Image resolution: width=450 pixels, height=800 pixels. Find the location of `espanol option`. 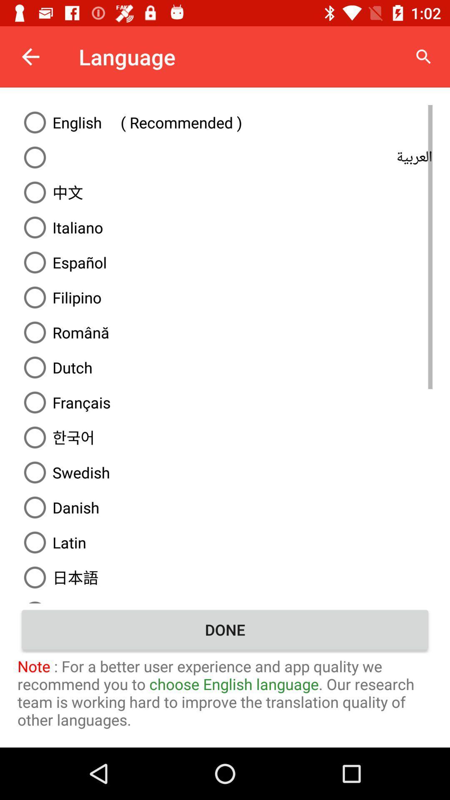

espanol option is located at coordinates (225, 262).